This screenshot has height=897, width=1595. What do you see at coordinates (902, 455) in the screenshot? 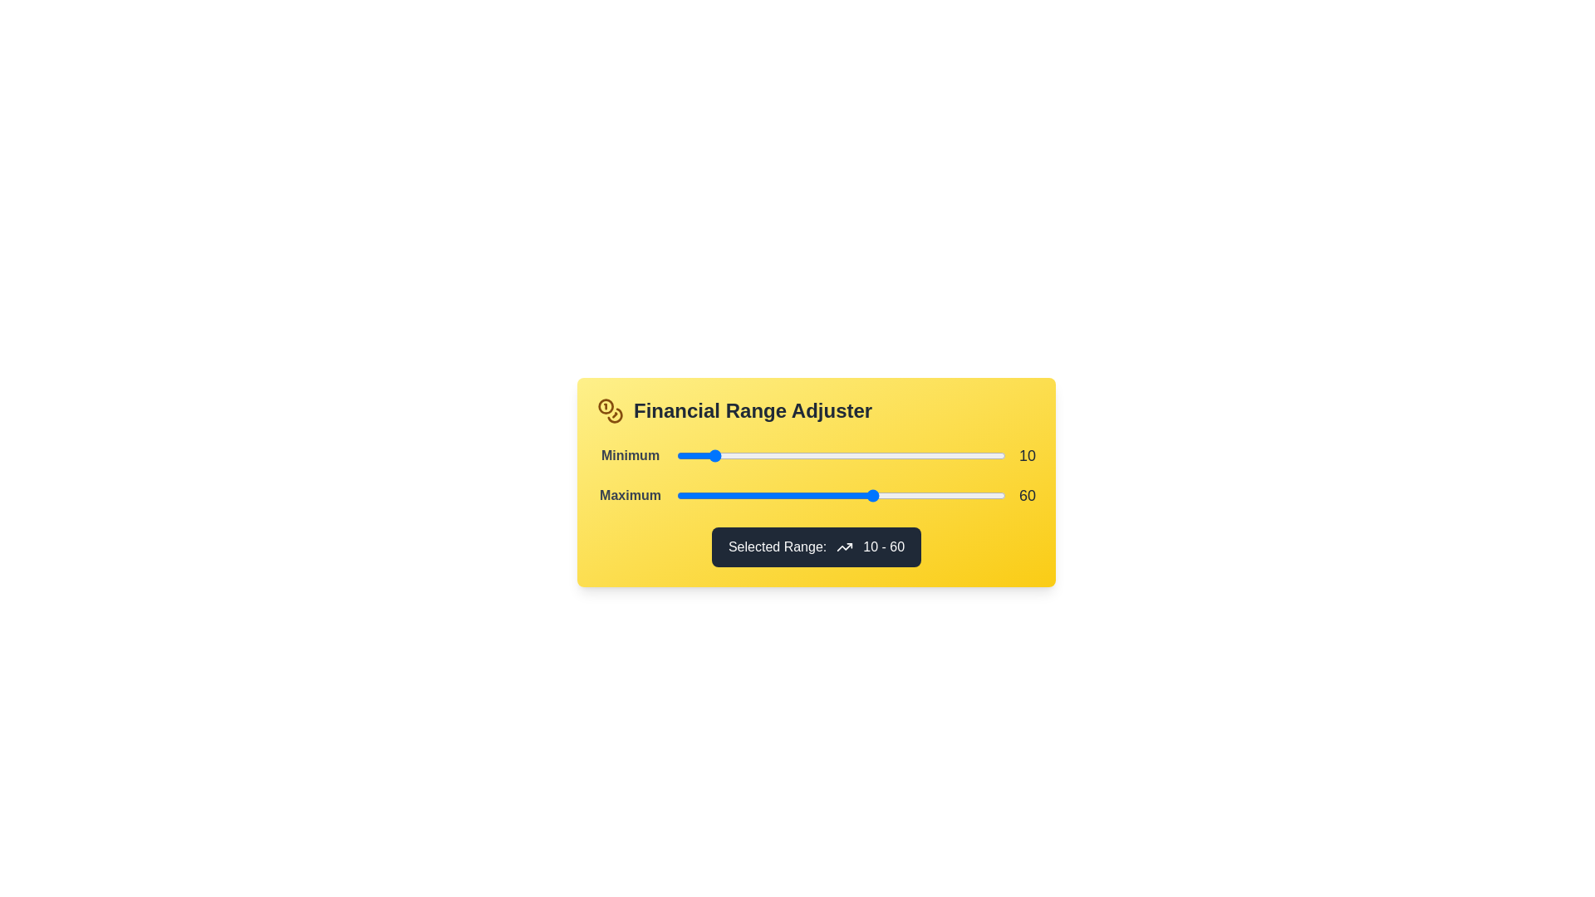
I see `the 'Minimum' slider to 69 within its range` at bounding box center [902, 455].